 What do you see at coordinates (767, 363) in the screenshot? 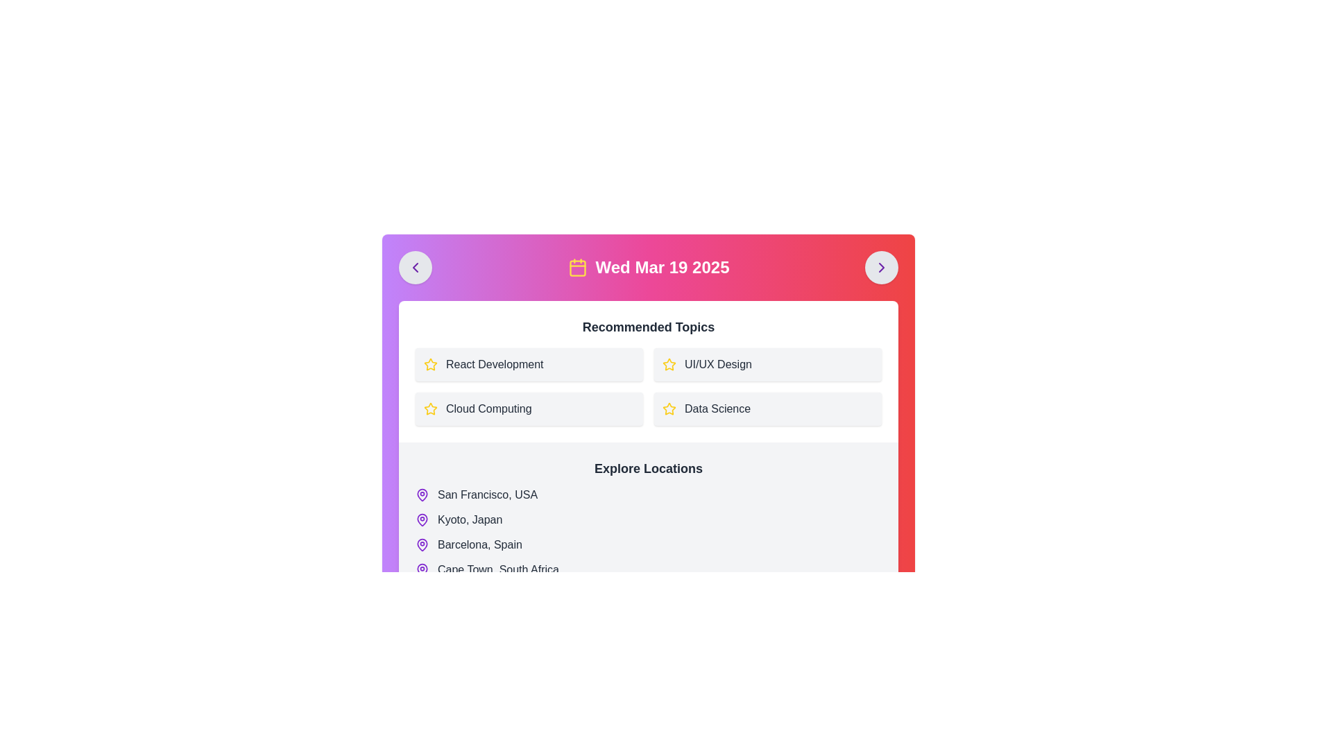
I see `the 'UI/UX Design' button located in the top-right quadrant of the grid layout under the 'Recommended Topics' section` at bounding box center [767, 363].